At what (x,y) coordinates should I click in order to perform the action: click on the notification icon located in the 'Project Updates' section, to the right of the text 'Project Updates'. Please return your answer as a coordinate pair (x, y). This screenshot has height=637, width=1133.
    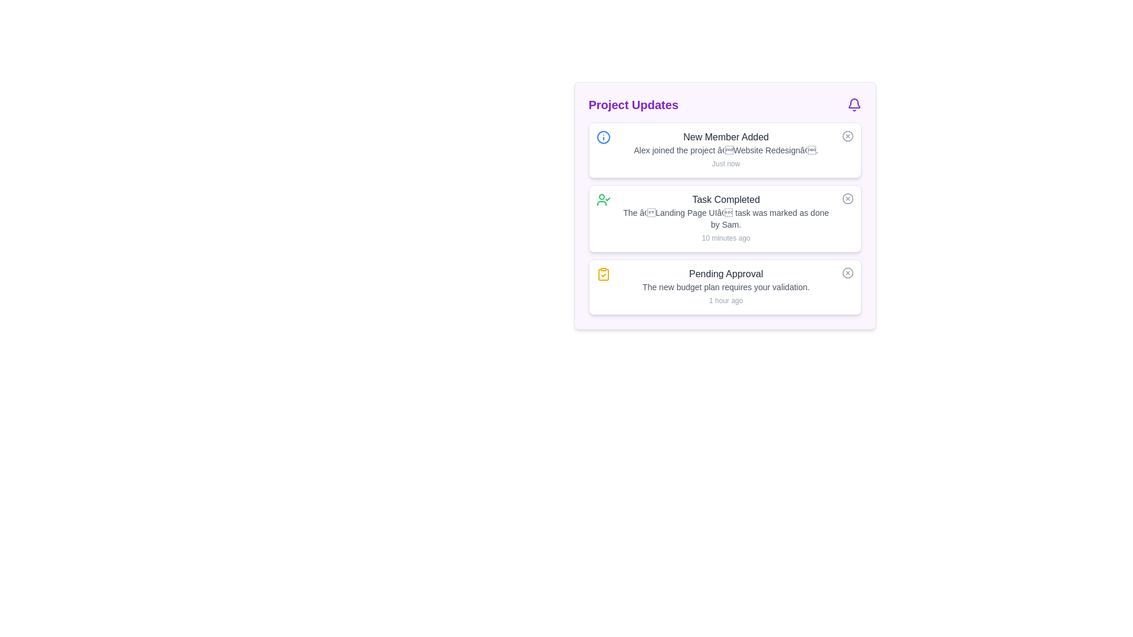
    Looking at the image, I should click on (854, 104).